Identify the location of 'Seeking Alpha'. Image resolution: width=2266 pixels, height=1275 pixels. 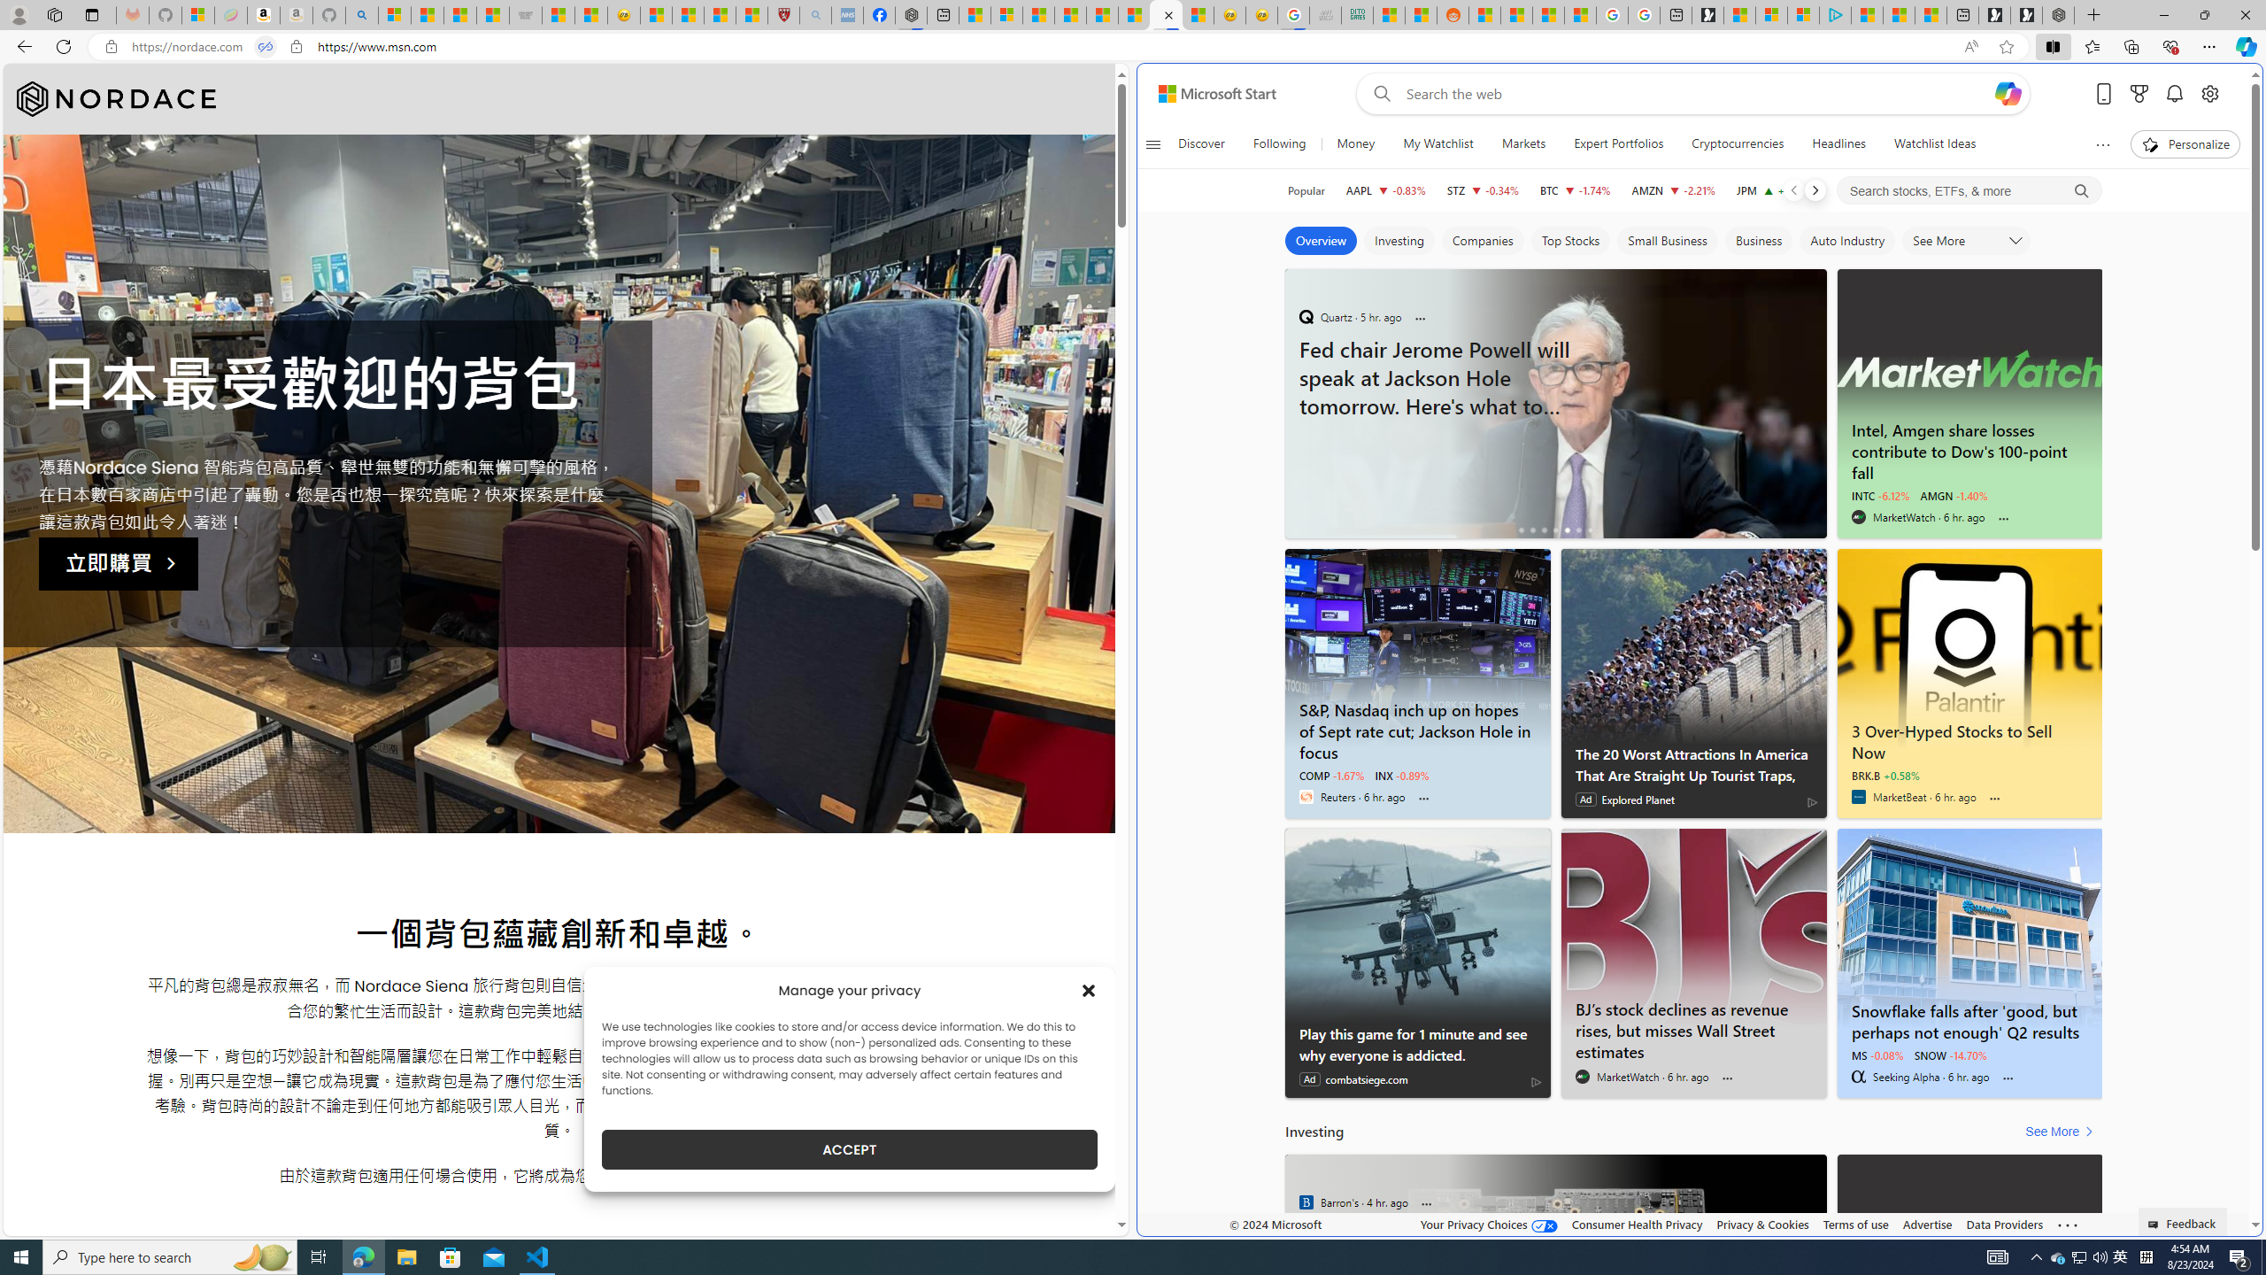
(1858, 1076).